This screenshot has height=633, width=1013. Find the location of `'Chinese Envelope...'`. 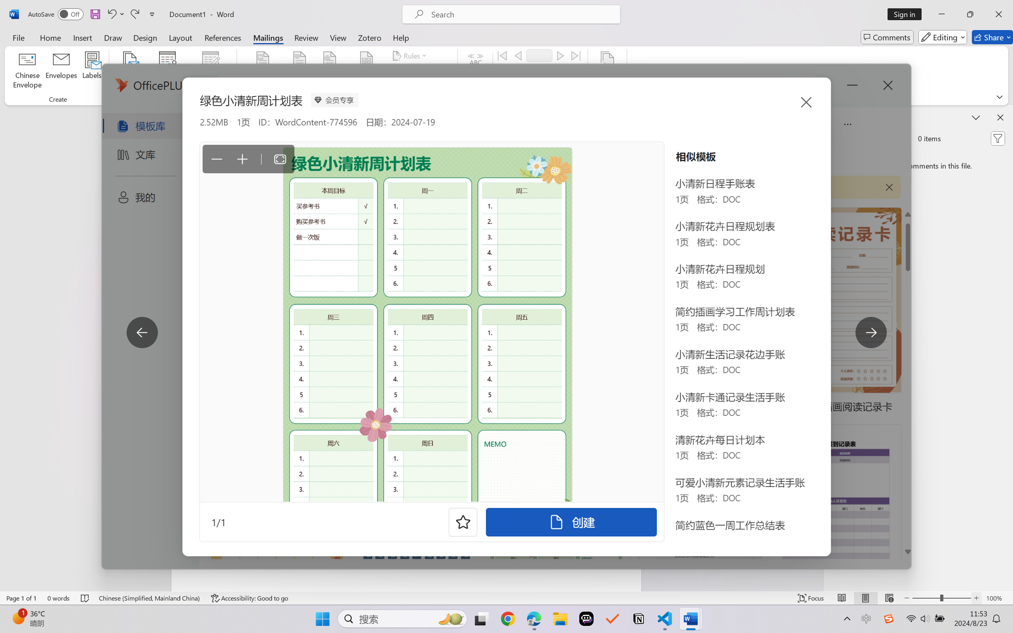

'Chinese Envelope...' is located at coordinates (27, 71).